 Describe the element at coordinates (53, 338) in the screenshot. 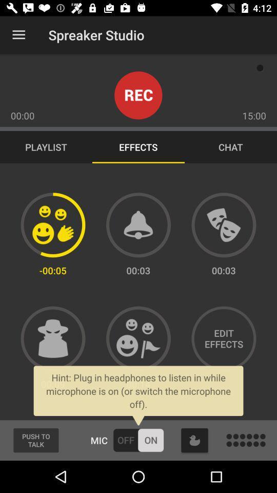

I see `choose this effect` at that location.